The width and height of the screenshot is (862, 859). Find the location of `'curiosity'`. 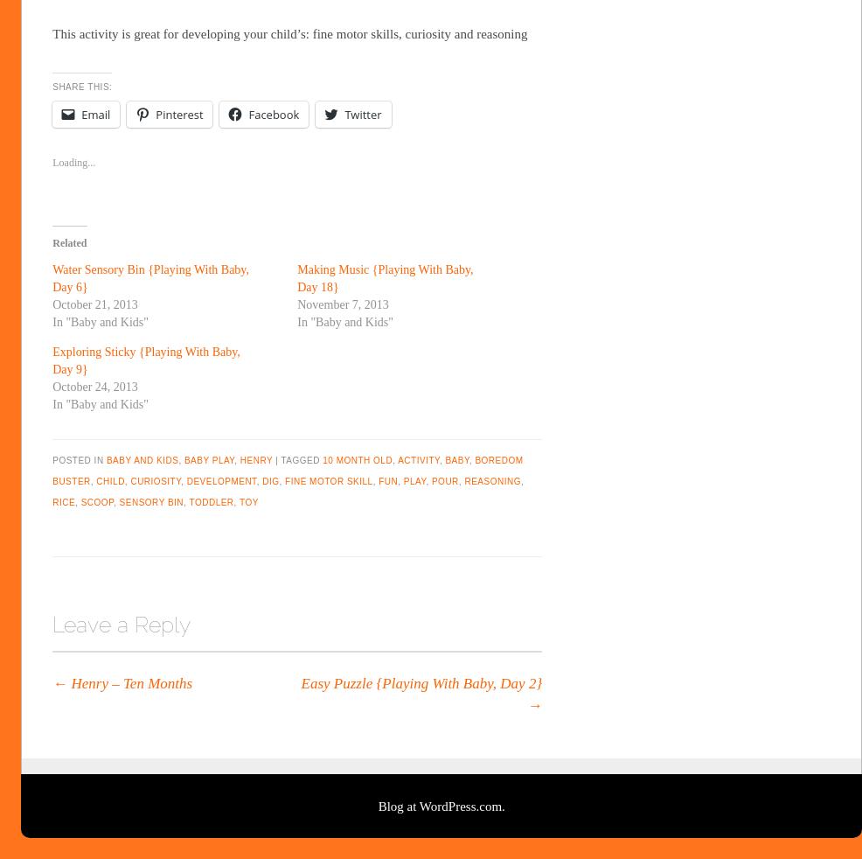

'curiosity' is located at coordinates (154, 480).